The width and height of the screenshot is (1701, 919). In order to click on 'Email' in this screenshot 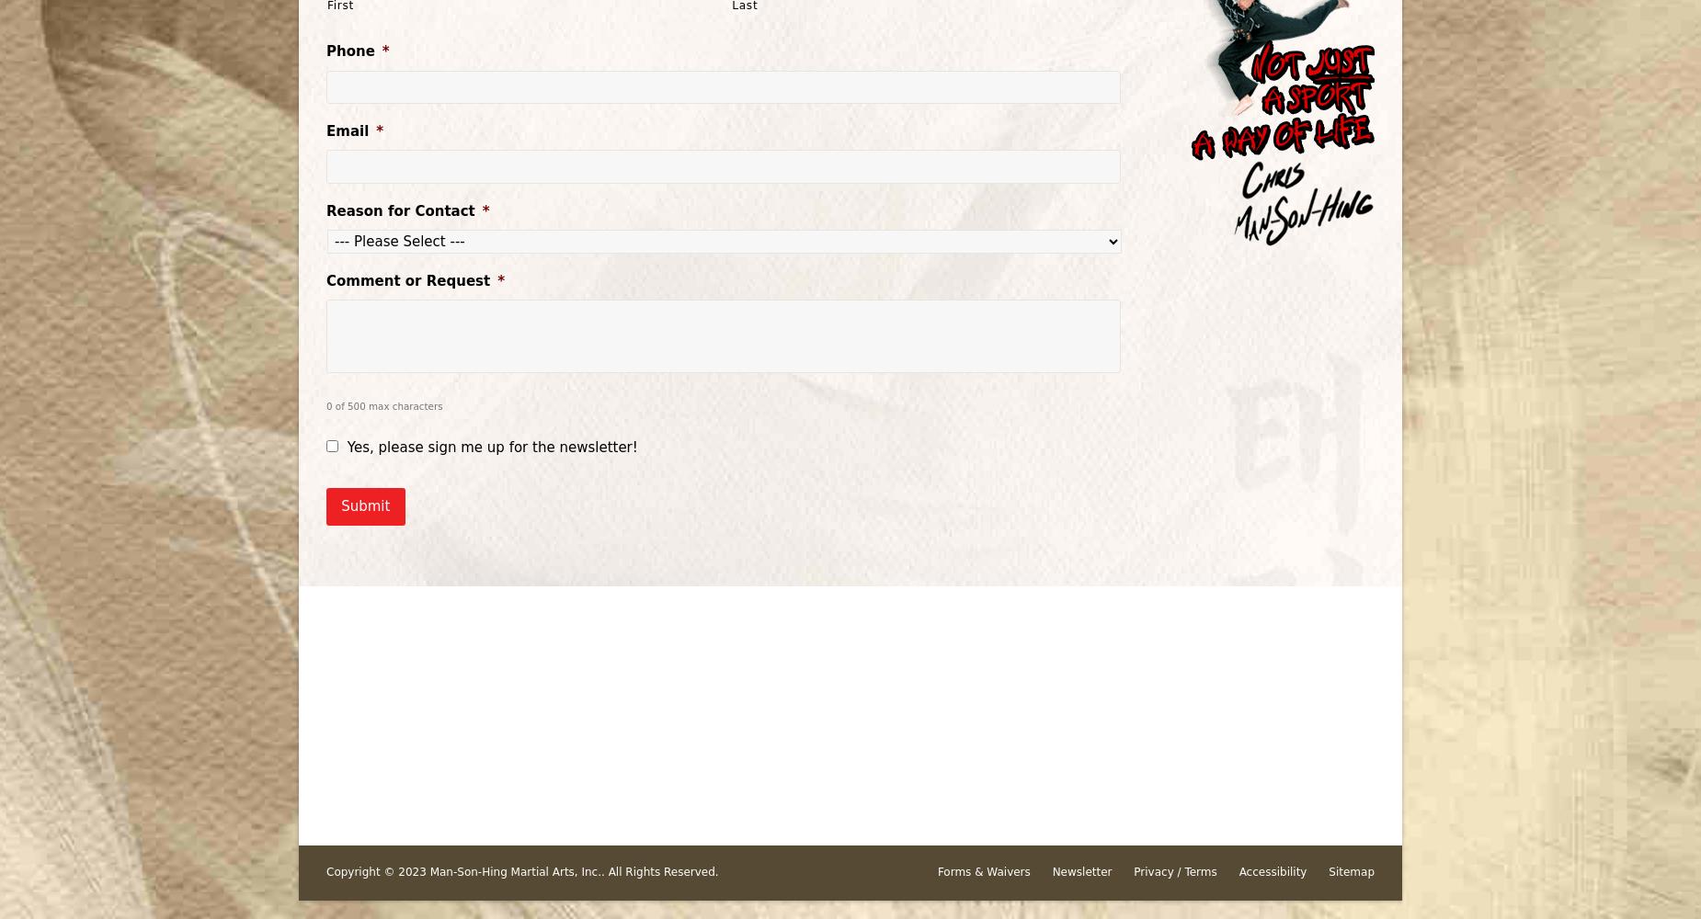, I will do `click(346, 130)`.